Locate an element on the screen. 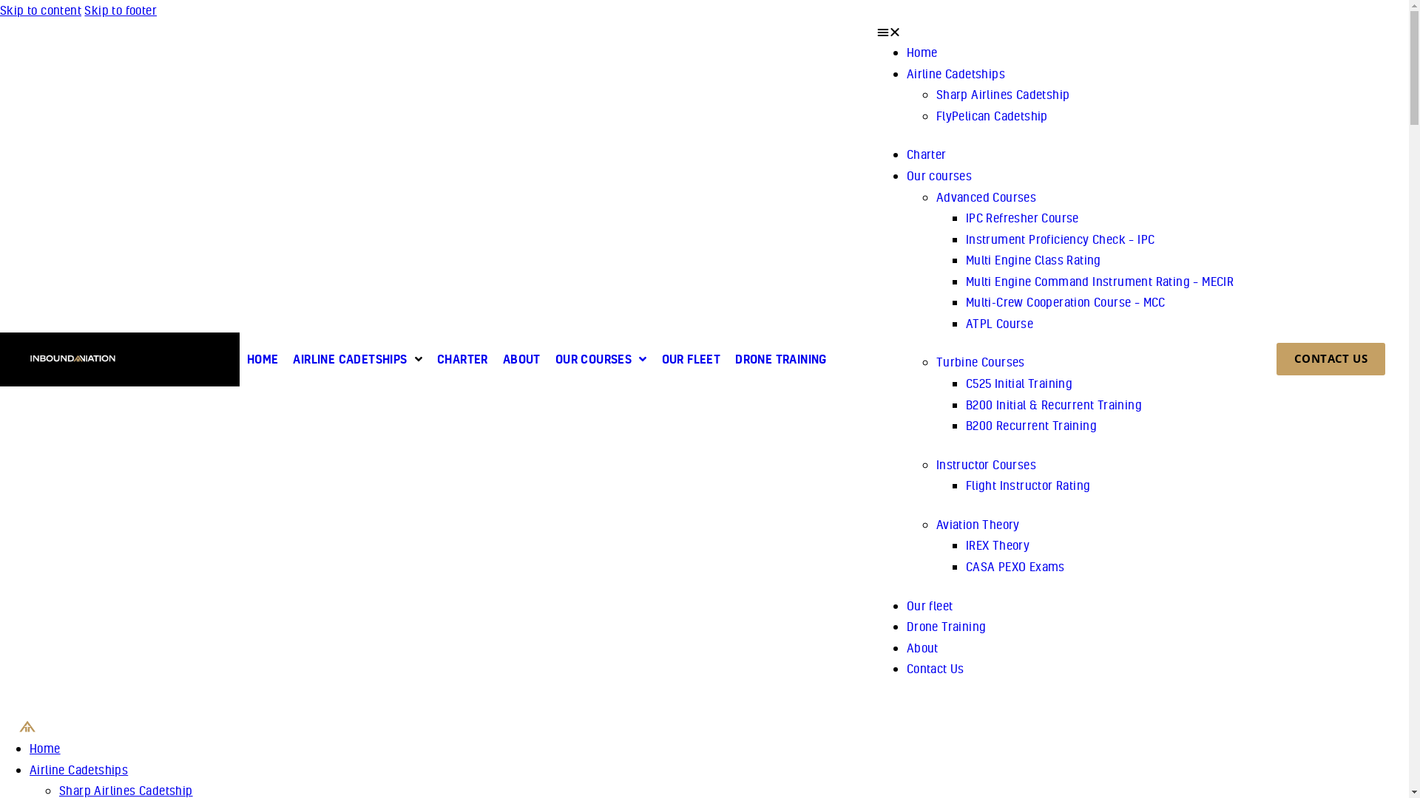  'Skip to content' is located at coordinates (40, 10).